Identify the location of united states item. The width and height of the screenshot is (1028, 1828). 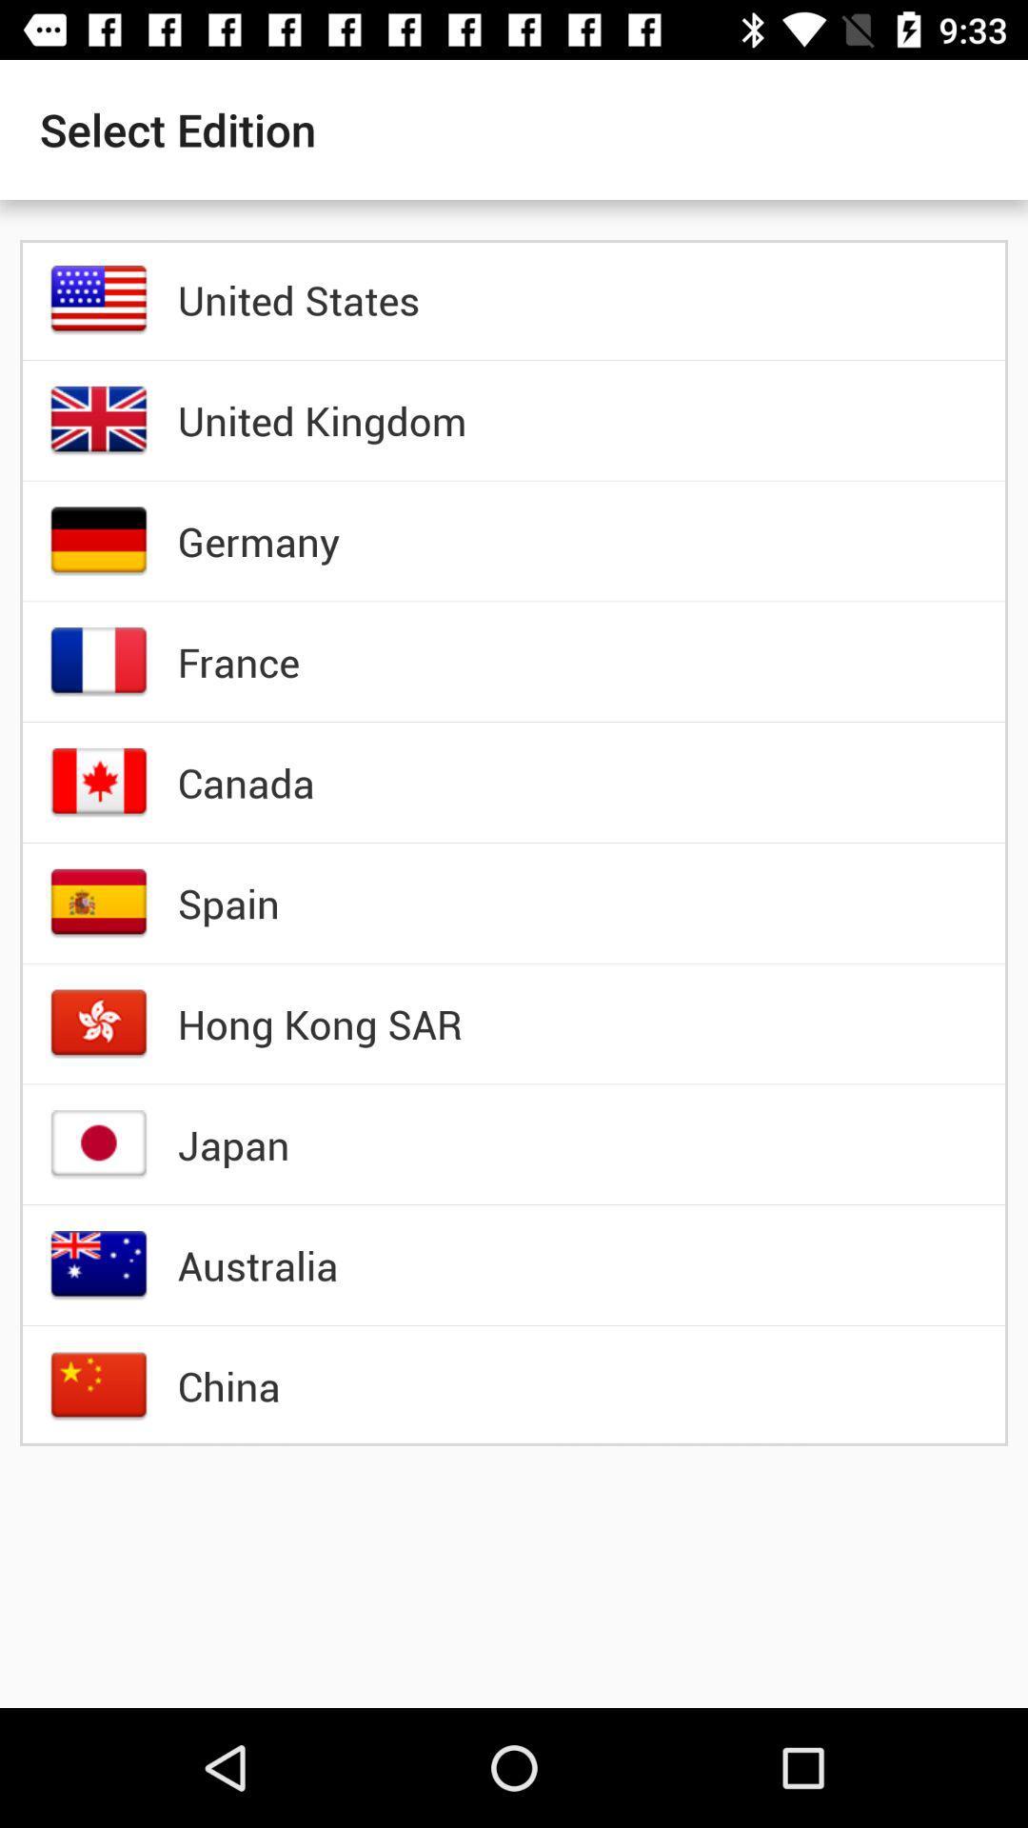
(298, 299).